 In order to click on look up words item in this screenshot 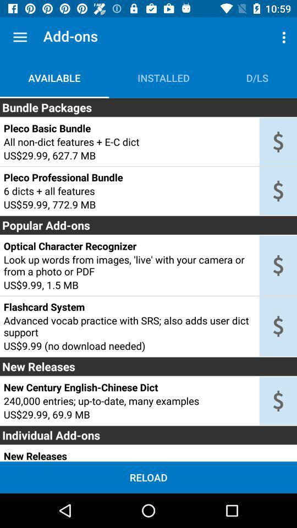, I will do `click(129, 265)`.